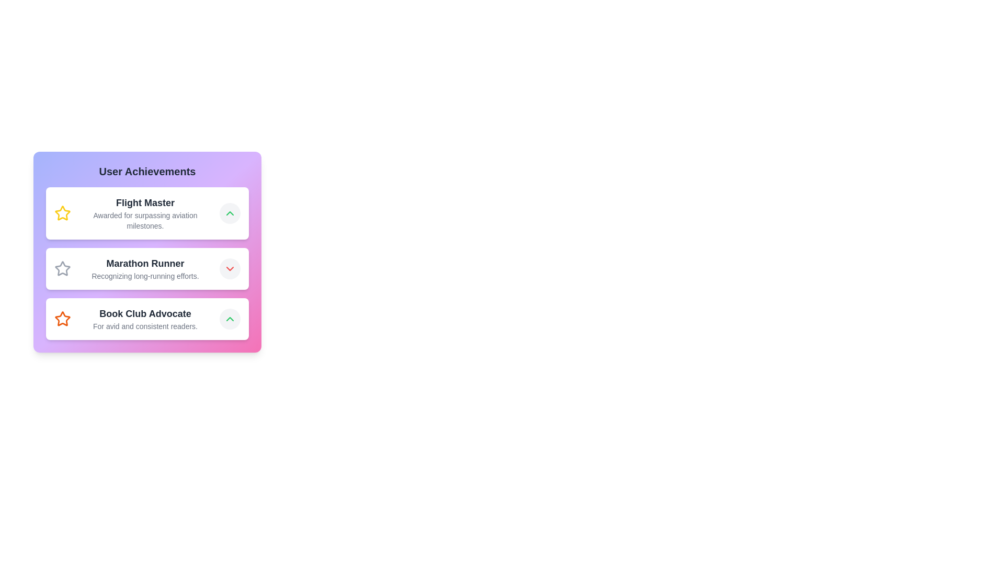 The height and width of the screenshot is (565, 1004). I want to click on the Text Label that serves as the title for the 'Book Club Advocate' achievement, located in the lower part of the 'User Achievements' list, so click(145, 313).